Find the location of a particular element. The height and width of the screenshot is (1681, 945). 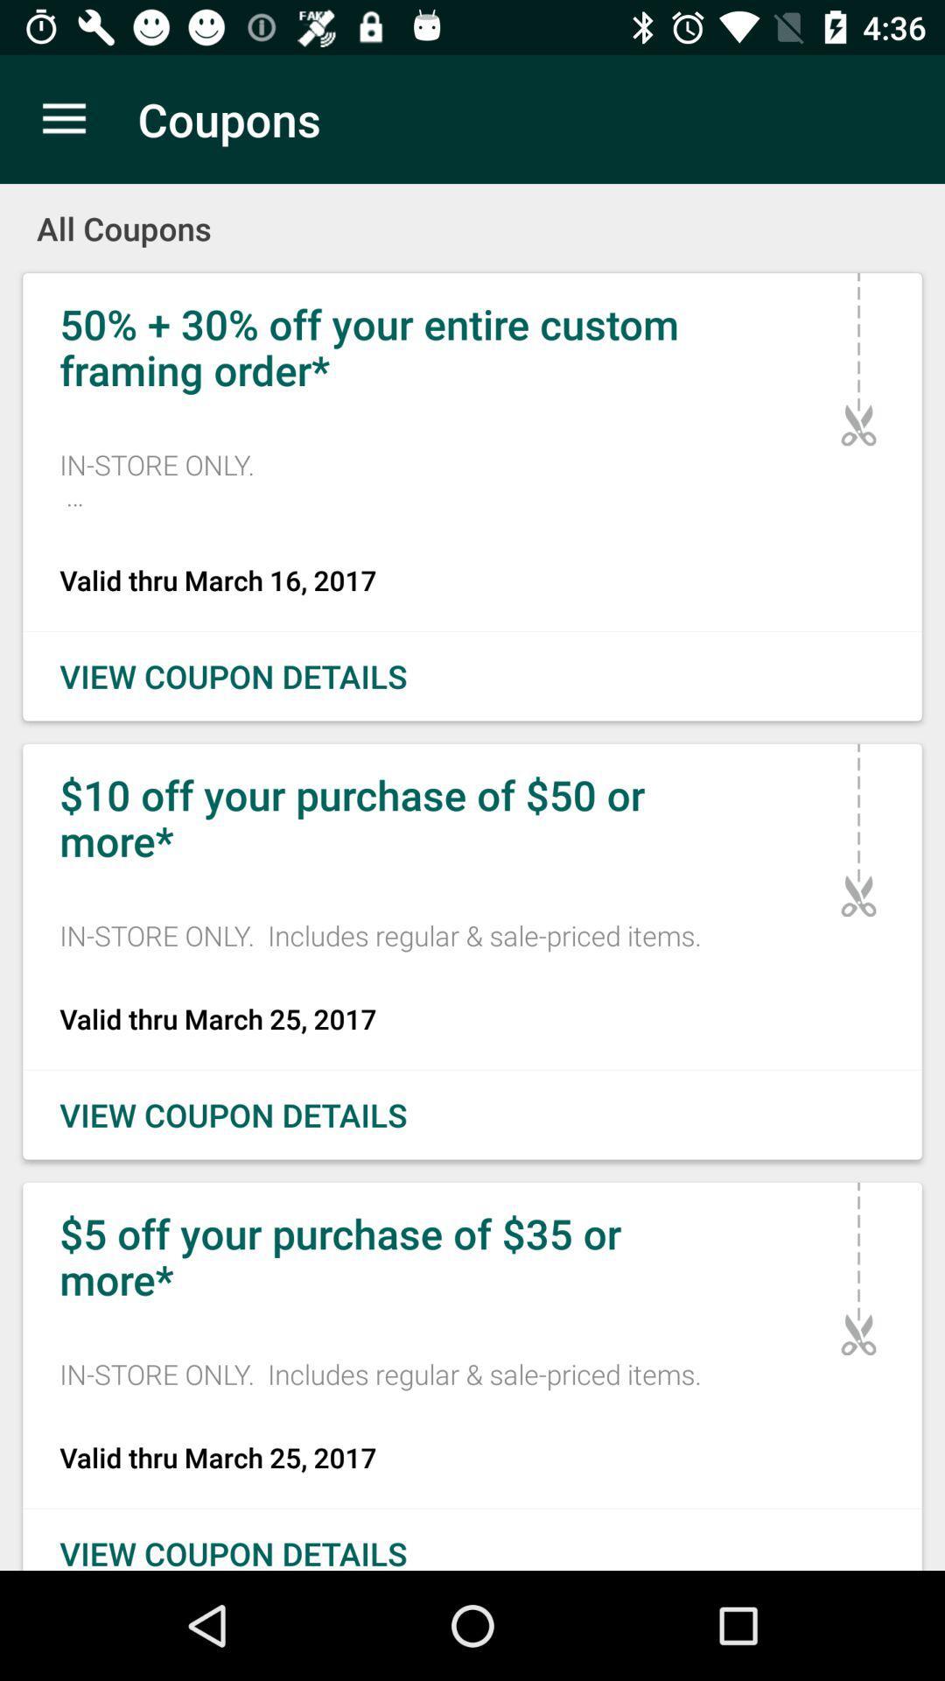

all coupons icon is located at coordinates (472, 215).